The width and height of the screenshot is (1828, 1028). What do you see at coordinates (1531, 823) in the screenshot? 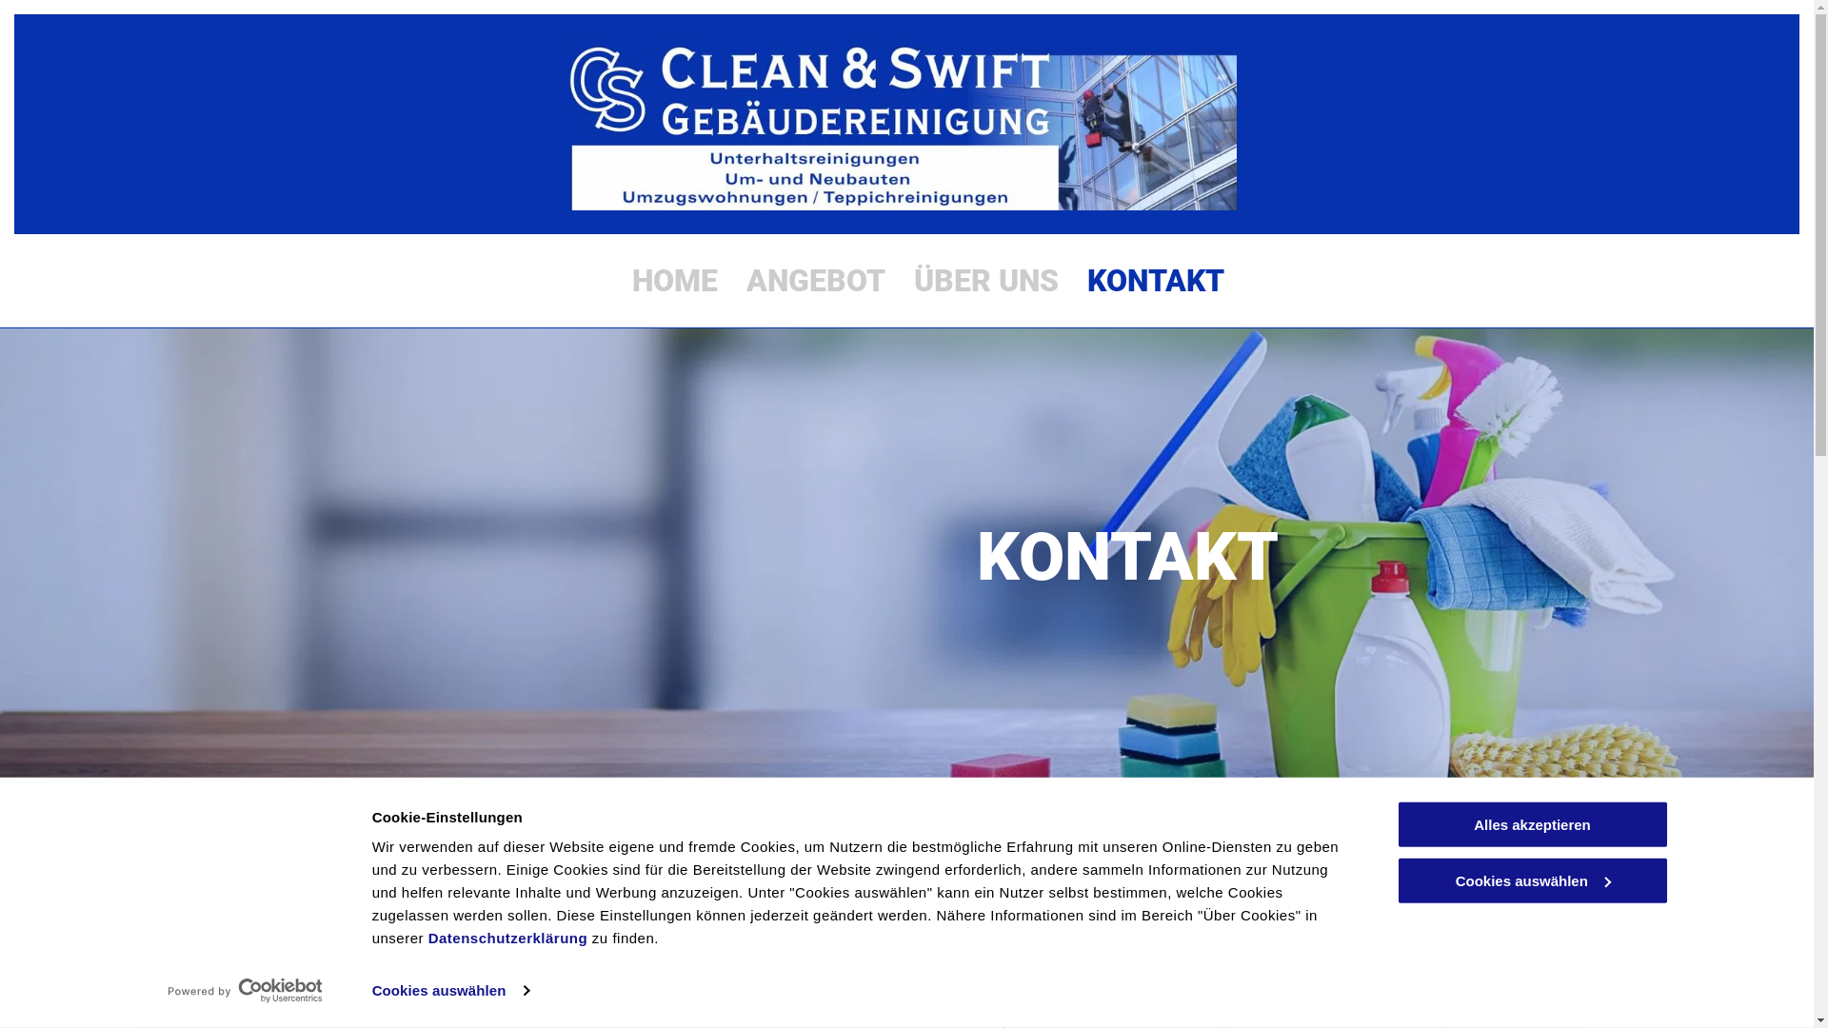
I see `'Alles akzeptieren'` at bounding box center [1531, 823].